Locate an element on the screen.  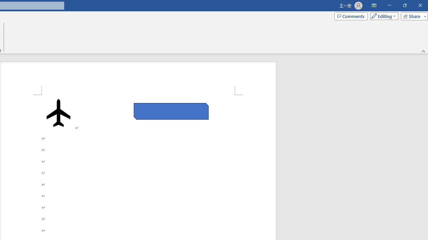
'Close' is located at coordinates (420, 5).